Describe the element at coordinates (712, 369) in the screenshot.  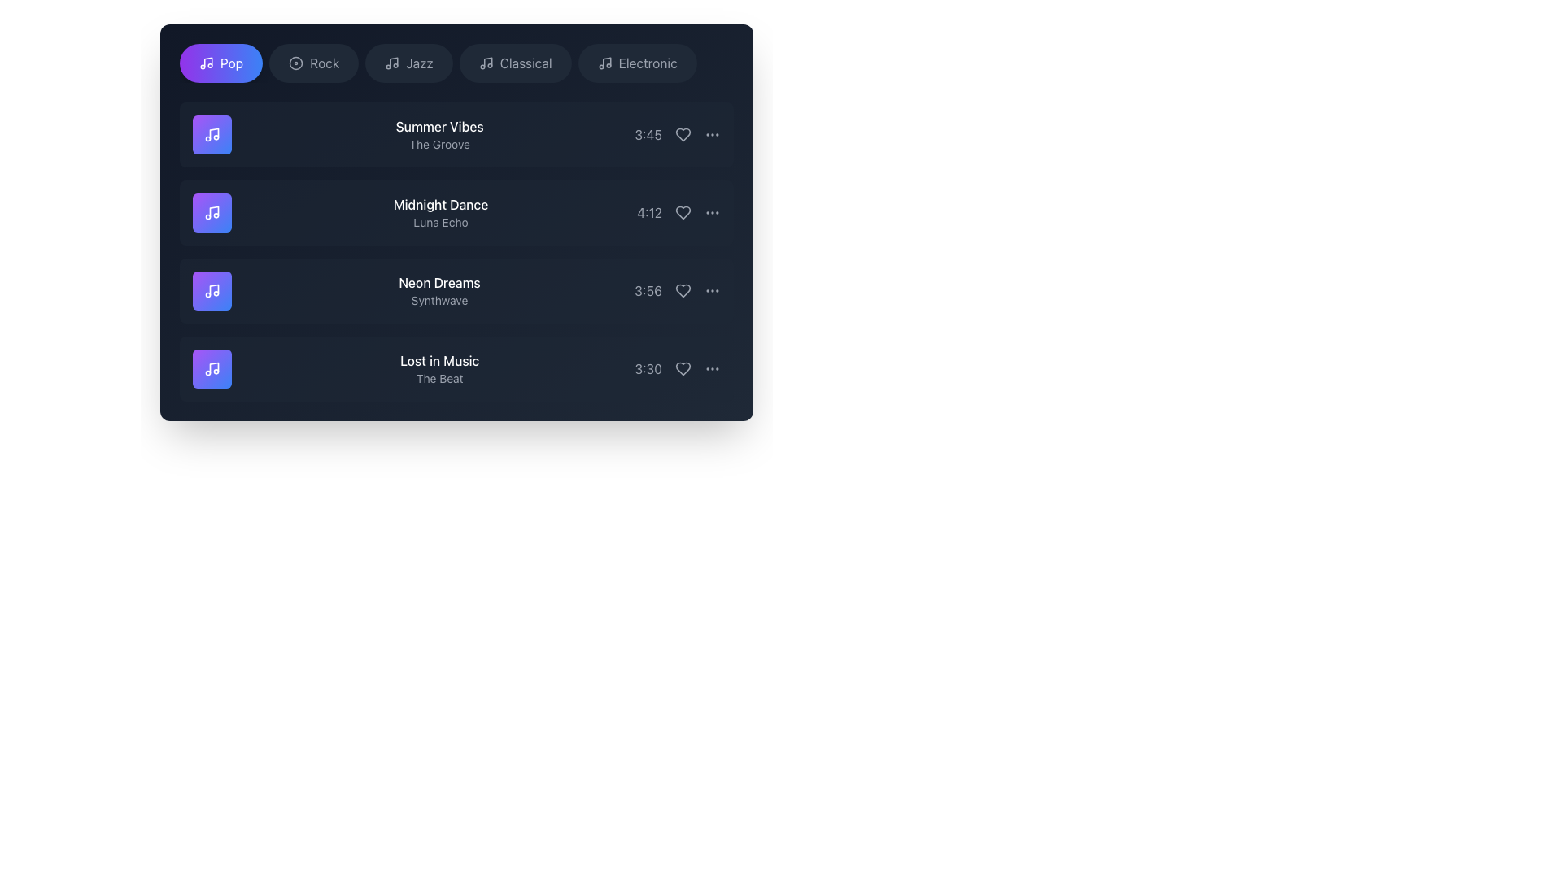
I see `the menu icon located to the immediate right of the heart-shaped 'like' icon for the music track 'Lost in Music'` at that location.